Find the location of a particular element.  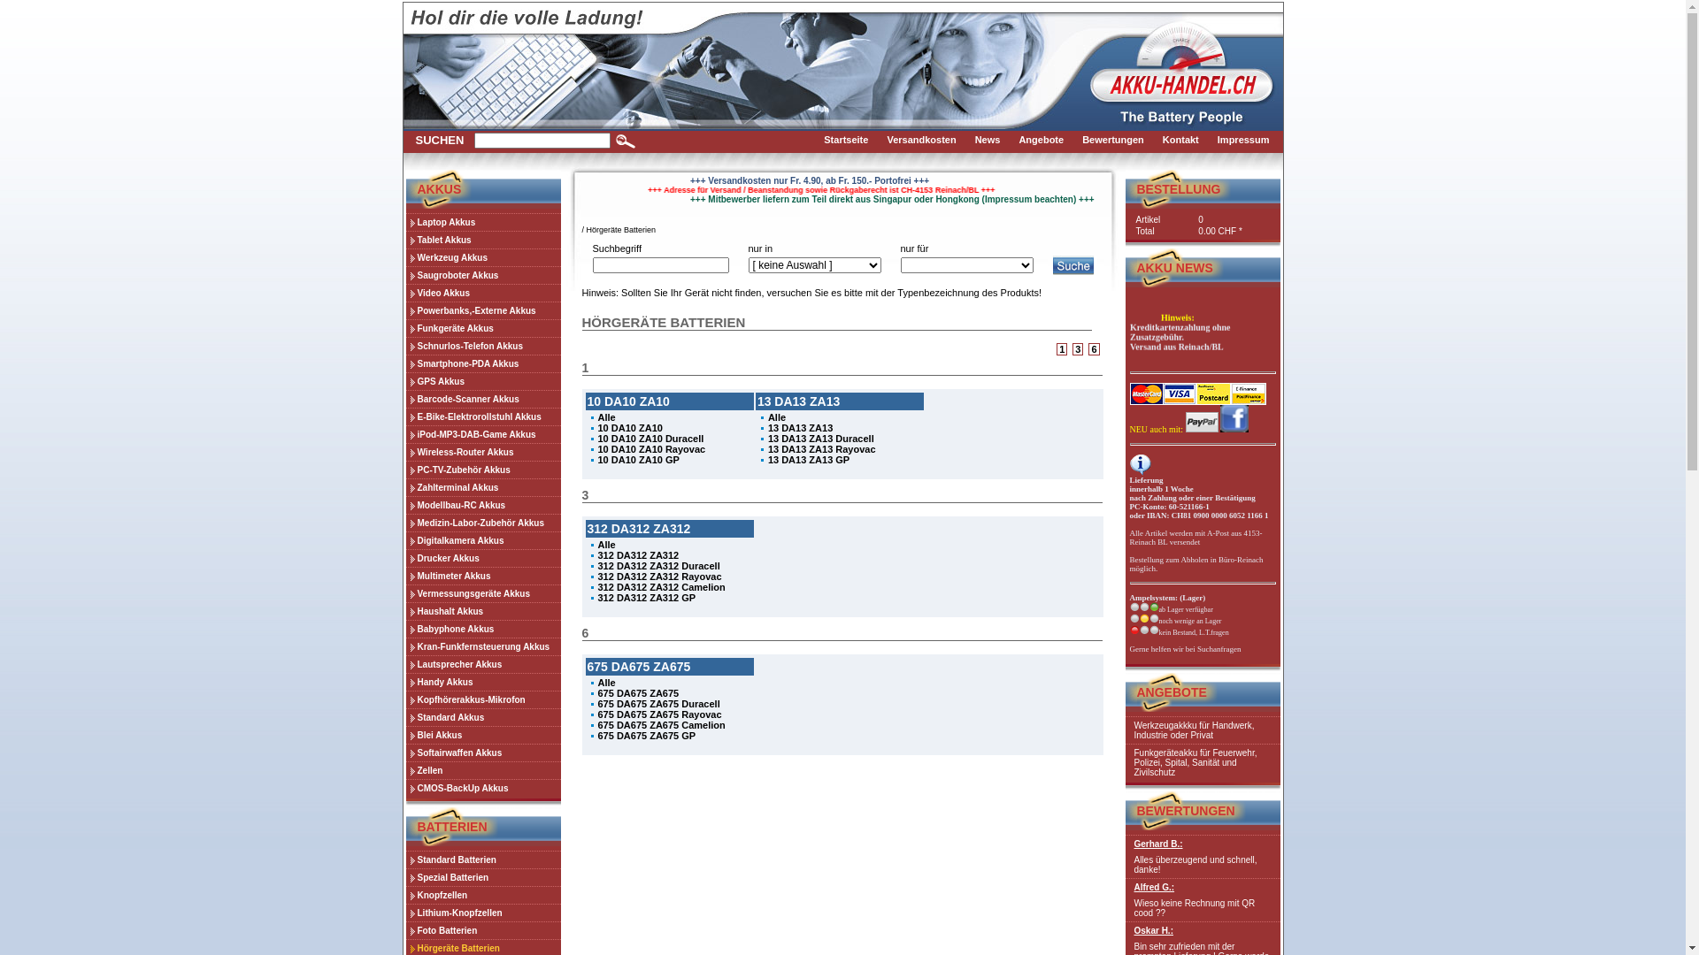

'Werkzeug Akkus' is located at coordinates (482, 256).